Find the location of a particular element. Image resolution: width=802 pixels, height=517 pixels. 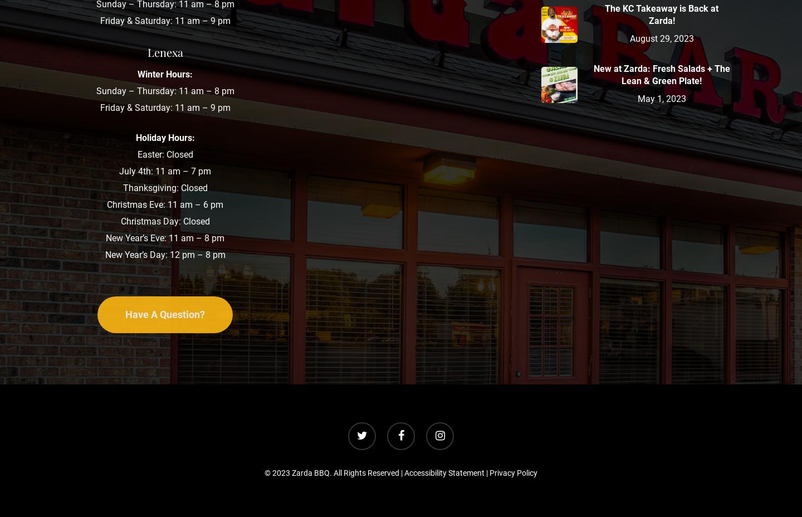

'Christmas Day: Closed' is located at coordinates (164, 221).